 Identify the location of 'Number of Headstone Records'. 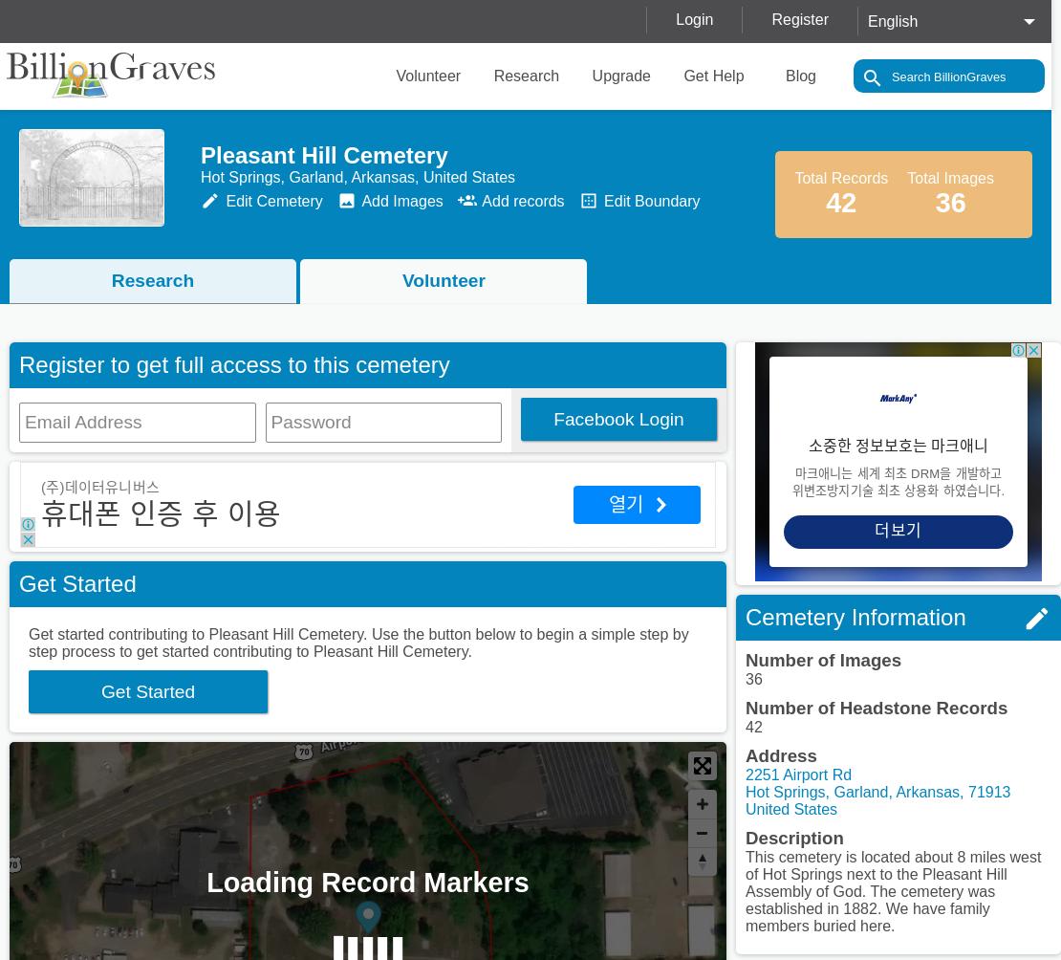
(876, 707).